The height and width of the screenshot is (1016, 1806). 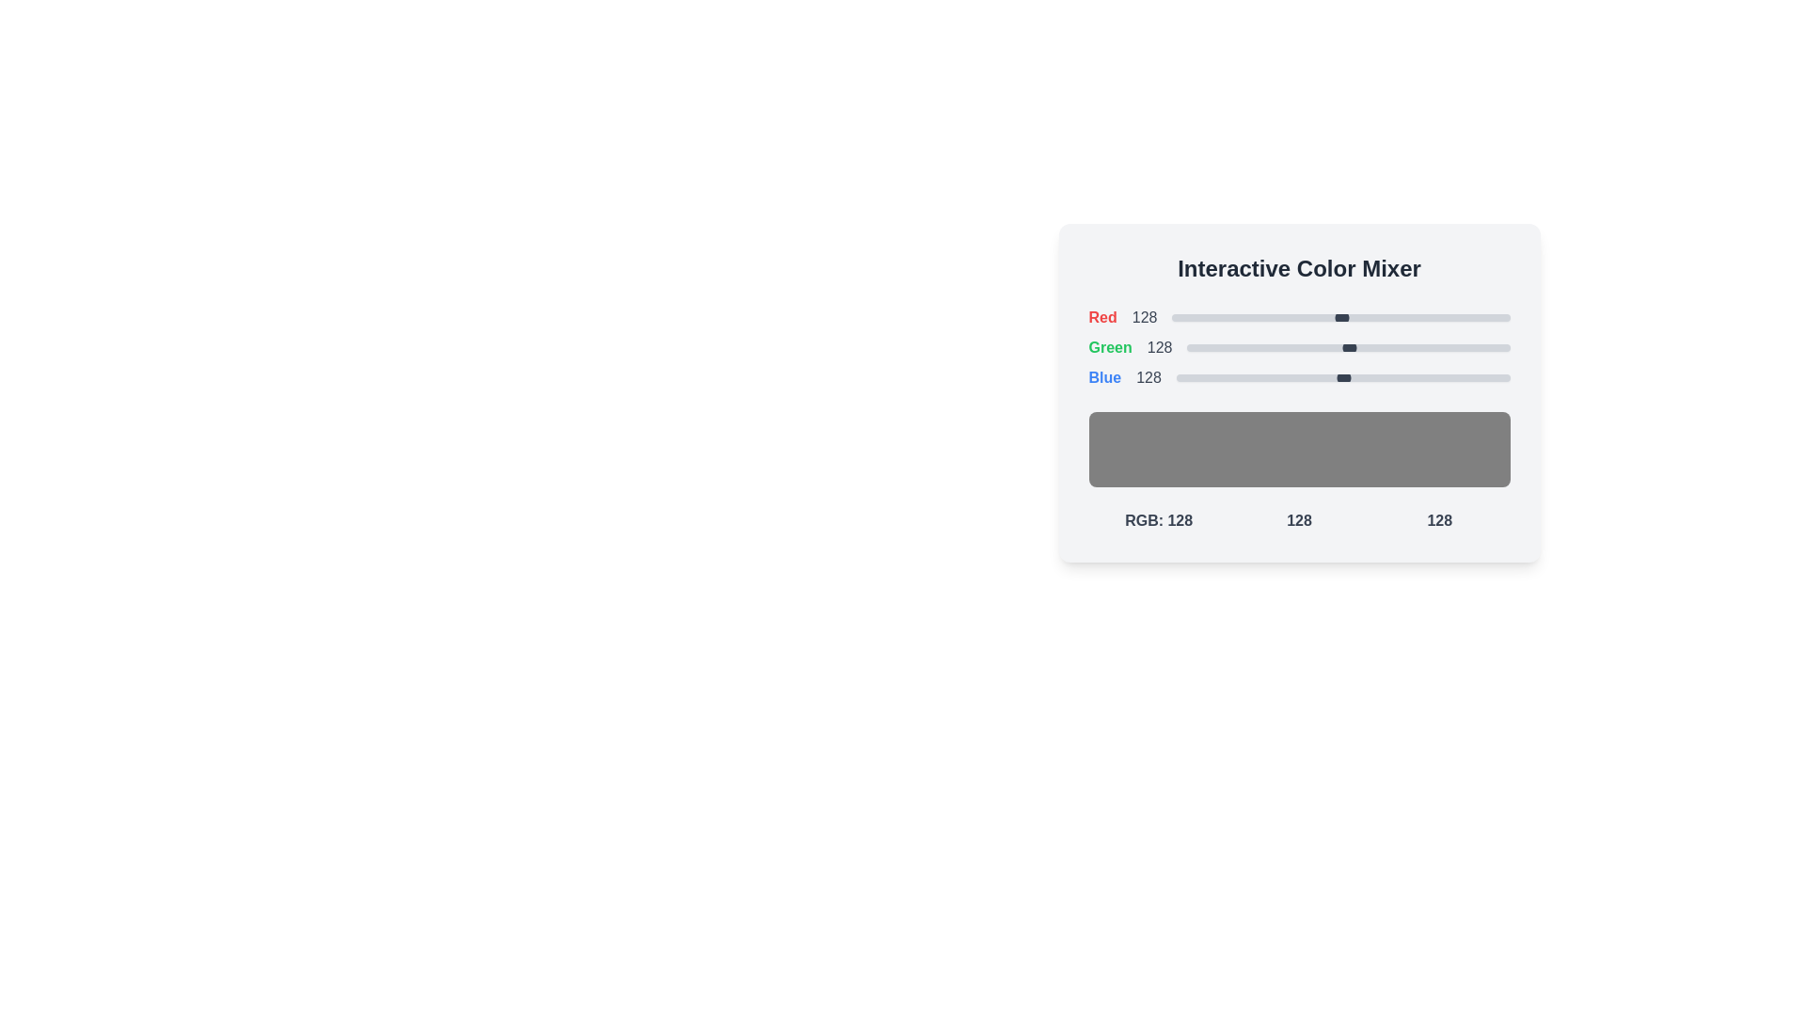 I want to click on the blue value, so click(x=1279, y=377).